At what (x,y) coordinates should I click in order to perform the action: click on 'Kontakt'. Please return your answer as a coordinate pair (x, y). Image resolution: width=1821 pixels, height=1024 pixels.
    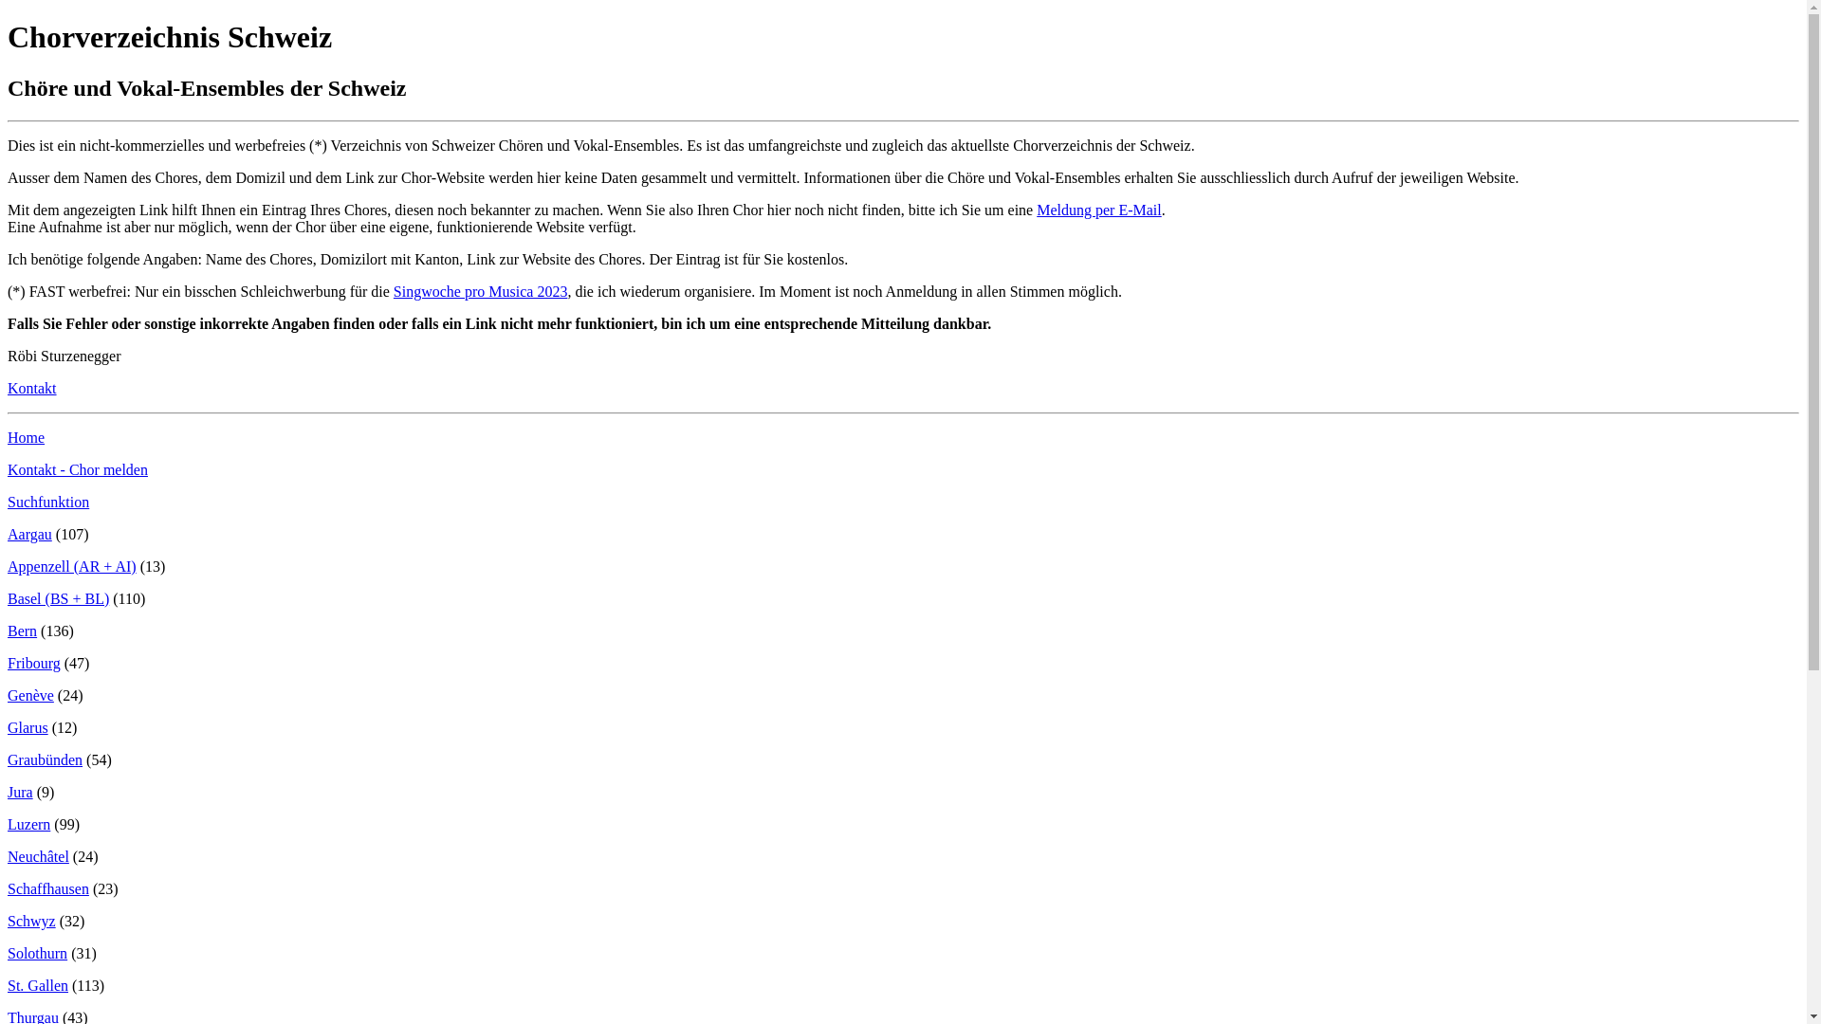
    Looking at the image, I should click on (31, 387).